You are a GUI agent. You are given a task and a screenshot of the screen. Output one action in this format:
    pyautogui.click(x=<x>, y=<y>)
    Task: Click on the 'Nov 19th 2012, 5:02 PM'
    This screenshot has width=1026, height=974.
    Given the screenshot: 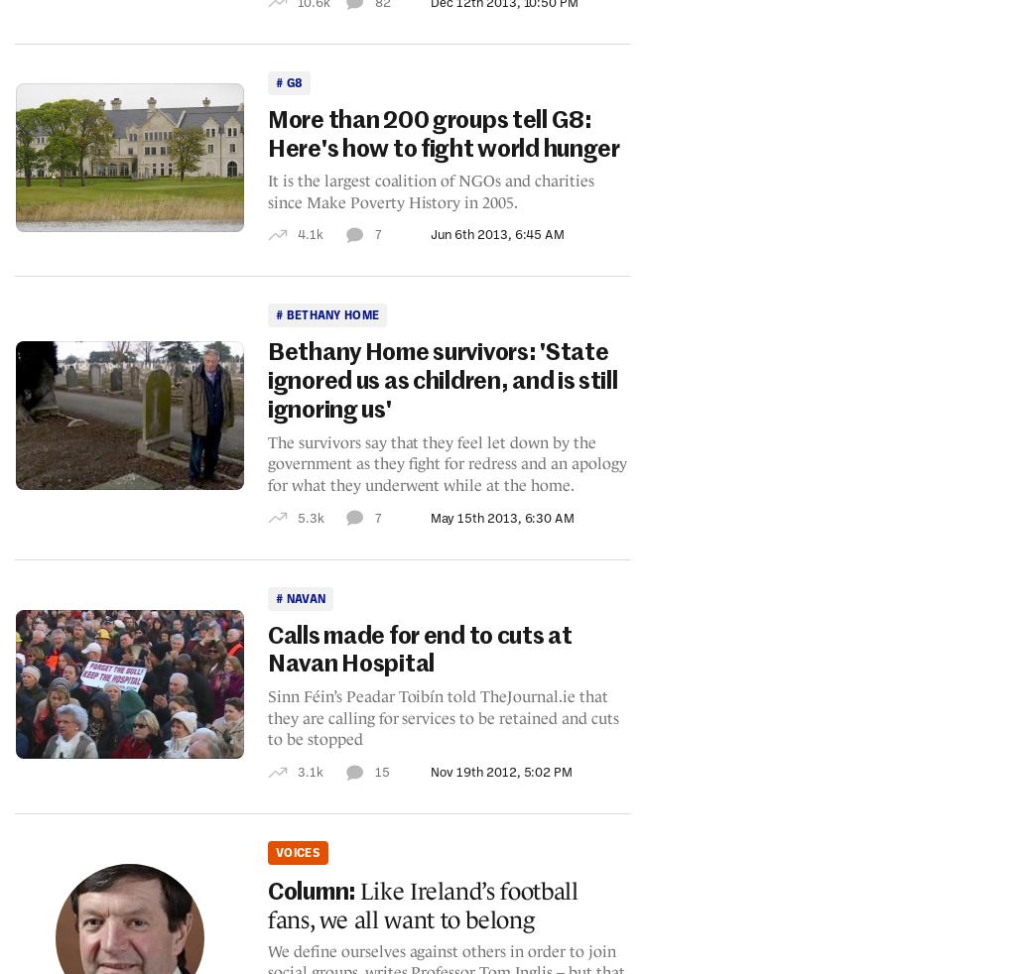 What is the action you would take?
    pyautogui.click(x=500, y=772)
    